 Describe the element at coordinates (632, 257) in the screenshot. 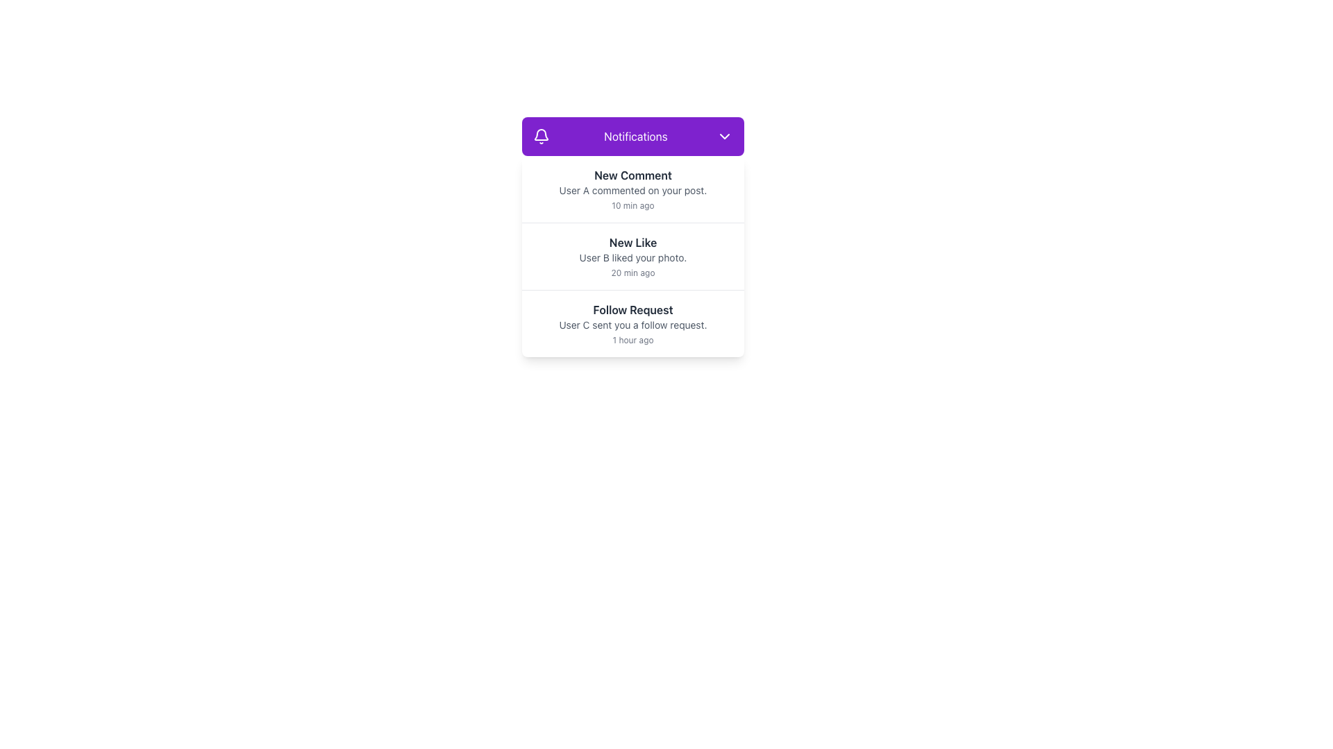

I see `the text label that states 'User B liked your photo.' which is the second notification item under 'New Like'` at that location.